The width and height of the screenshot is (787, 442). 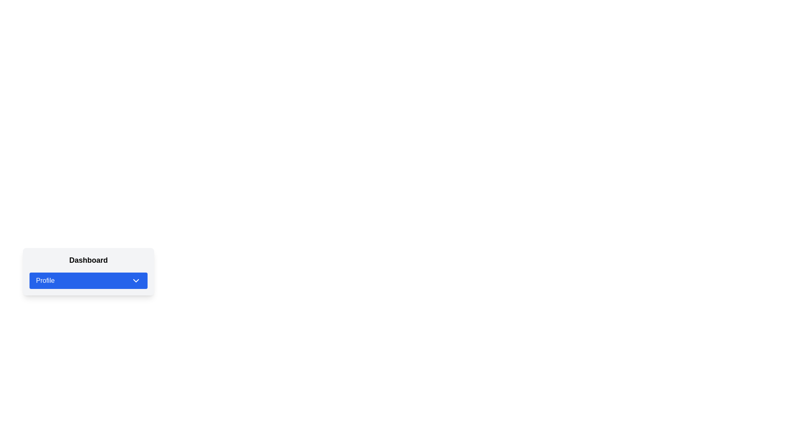 What do you see at coordinates (136, 280) in the screenshot?
I see `the downward-pointing chevron icon representing the dropdown indicator next to the 'Profile' button` at bounding box center [136, 280].